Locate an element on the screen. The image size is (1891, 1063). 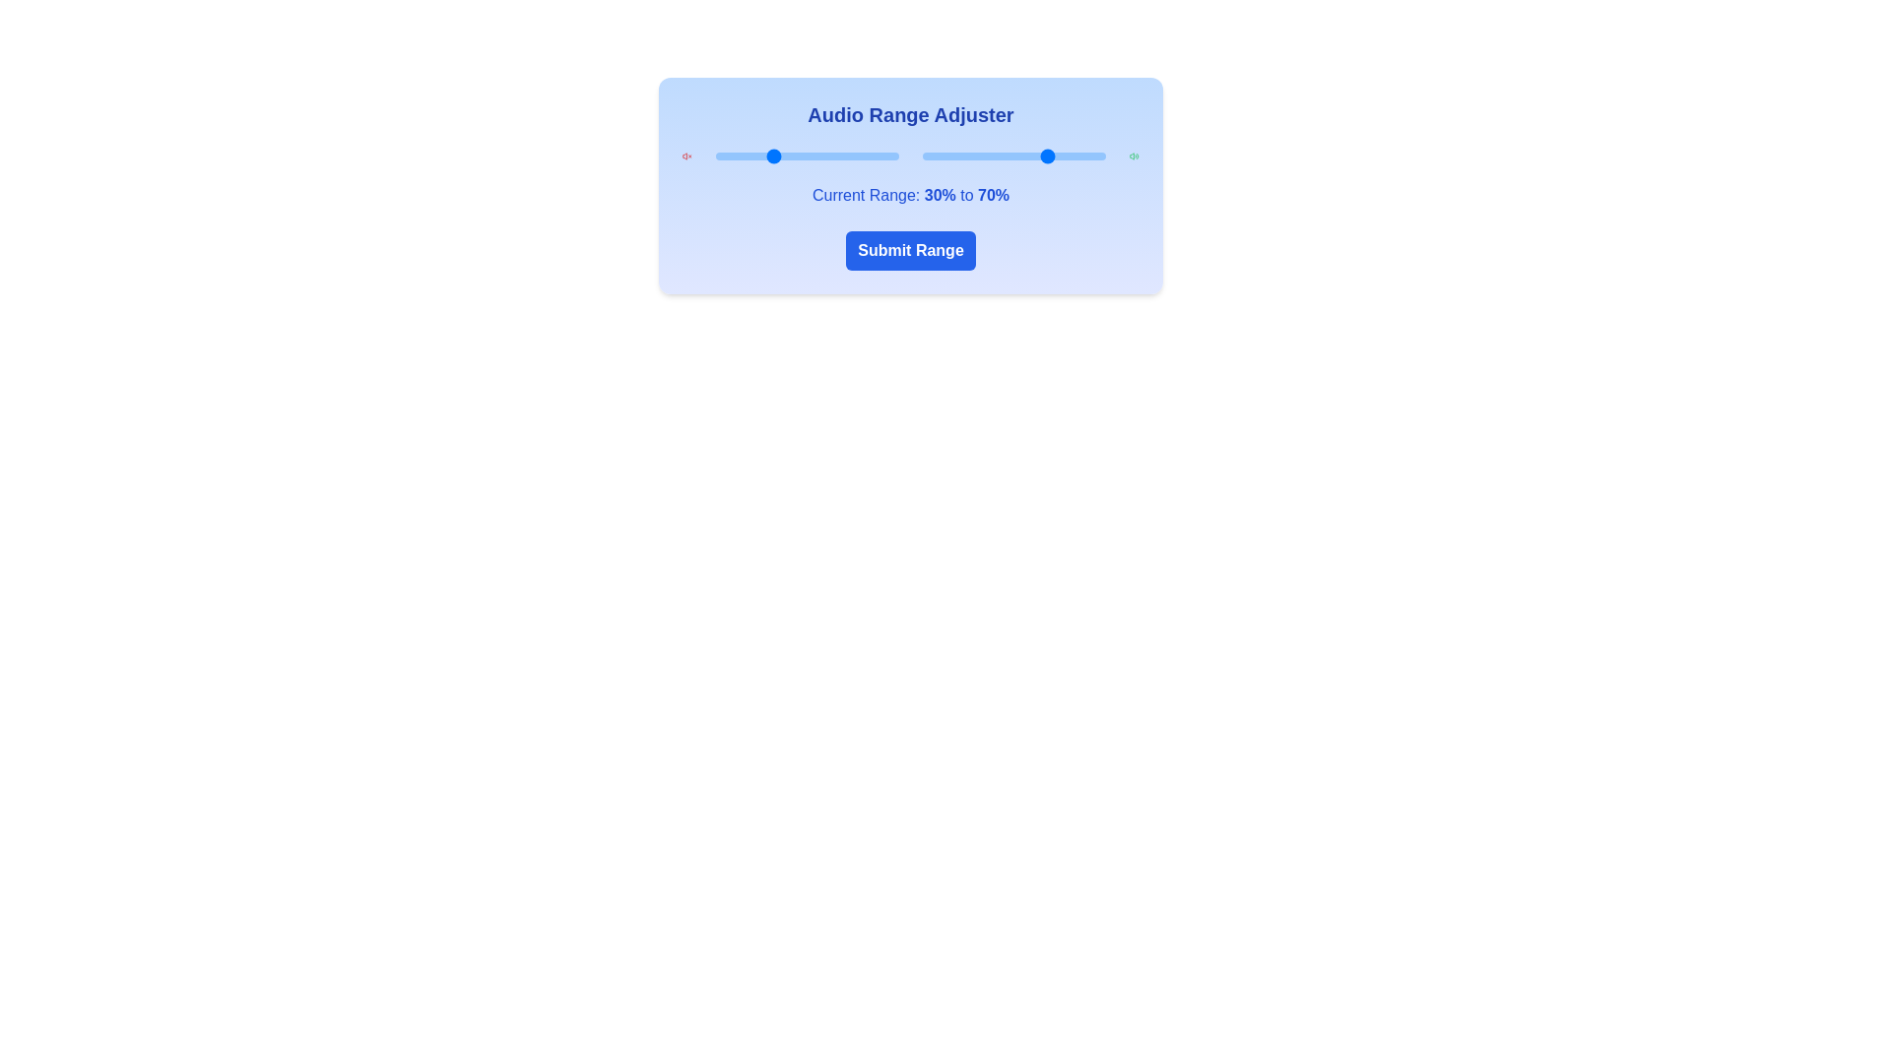
the slider is located at coordinates (894, 155).